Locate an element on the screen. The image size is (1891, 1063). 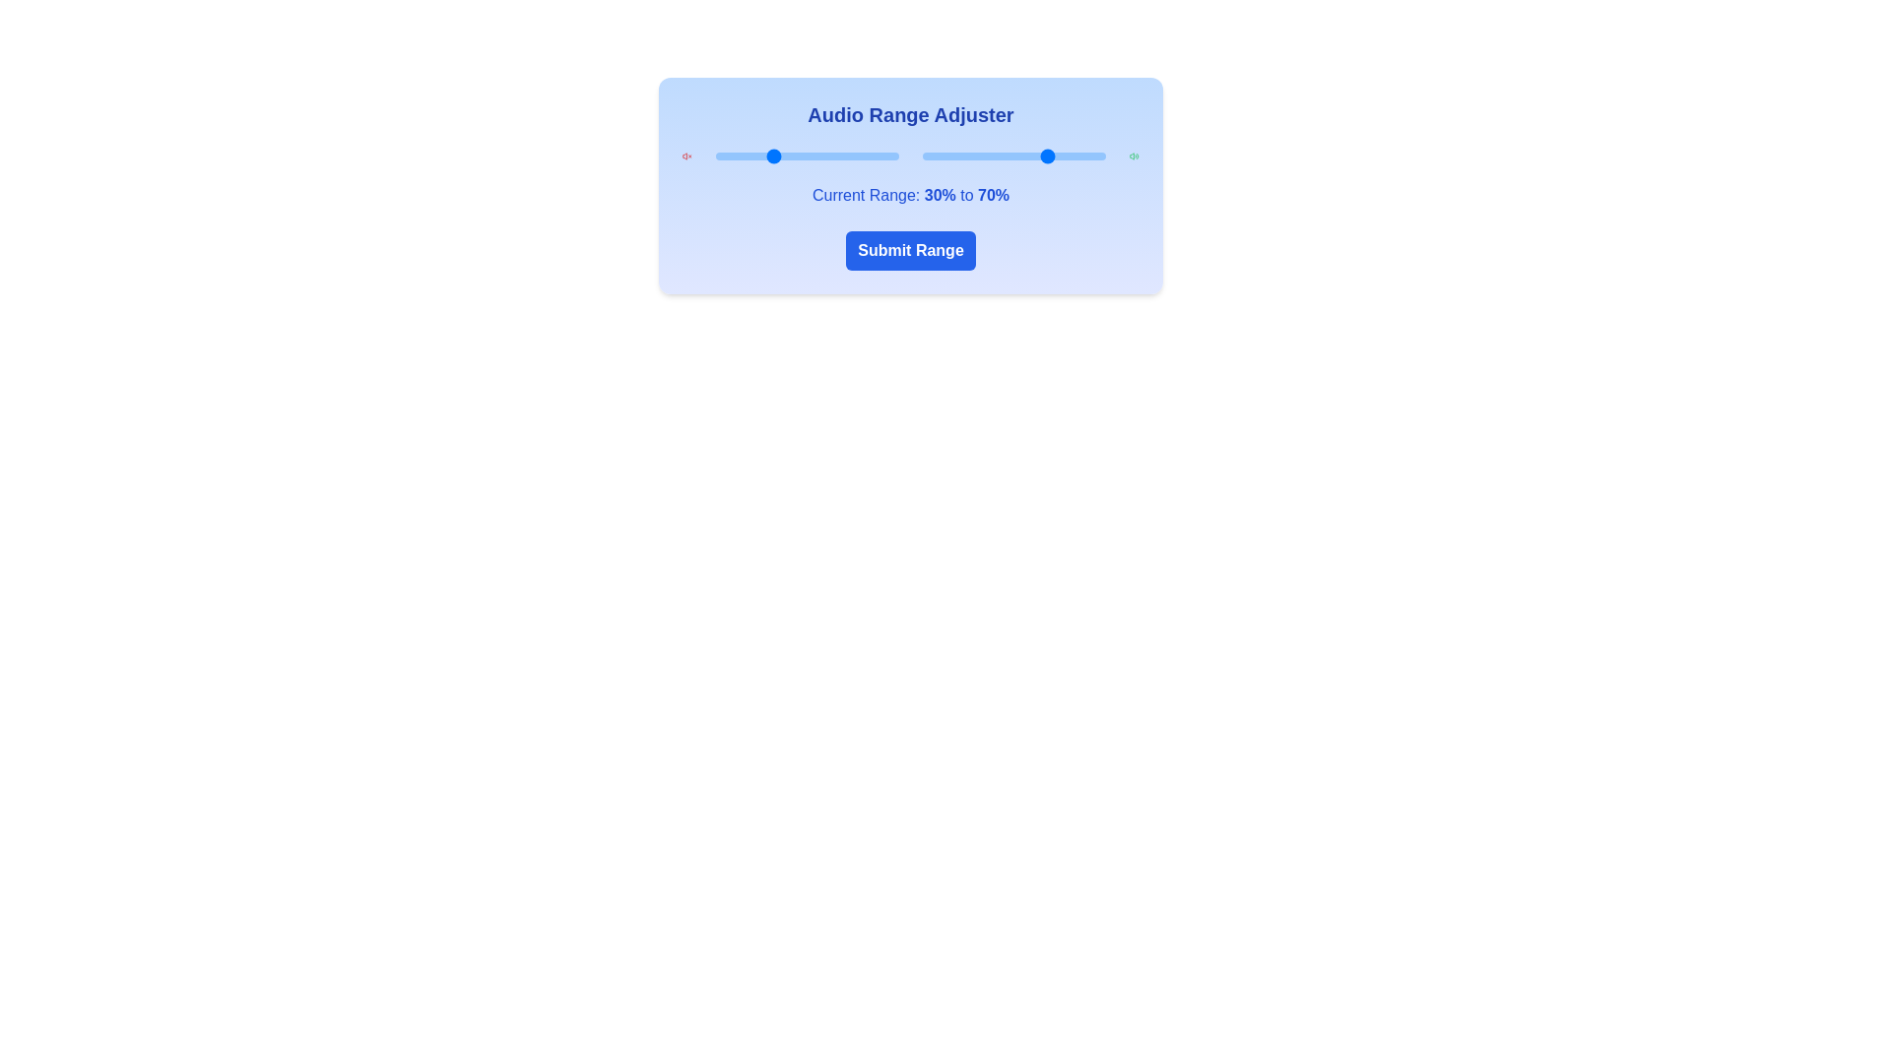
the slider is located at coordinates (894, 155).